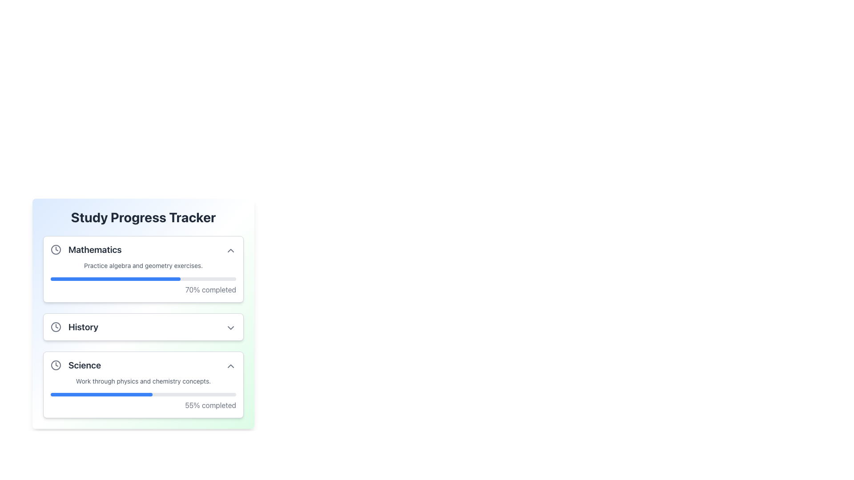 This screenshot has height=480, width=854. I want to click on the 'Mathematics' text and clock icon combination, which is prominently styled in bold dark gray font and located in the top-left corner of the Study Progress Tracker section, so click(86, 250).